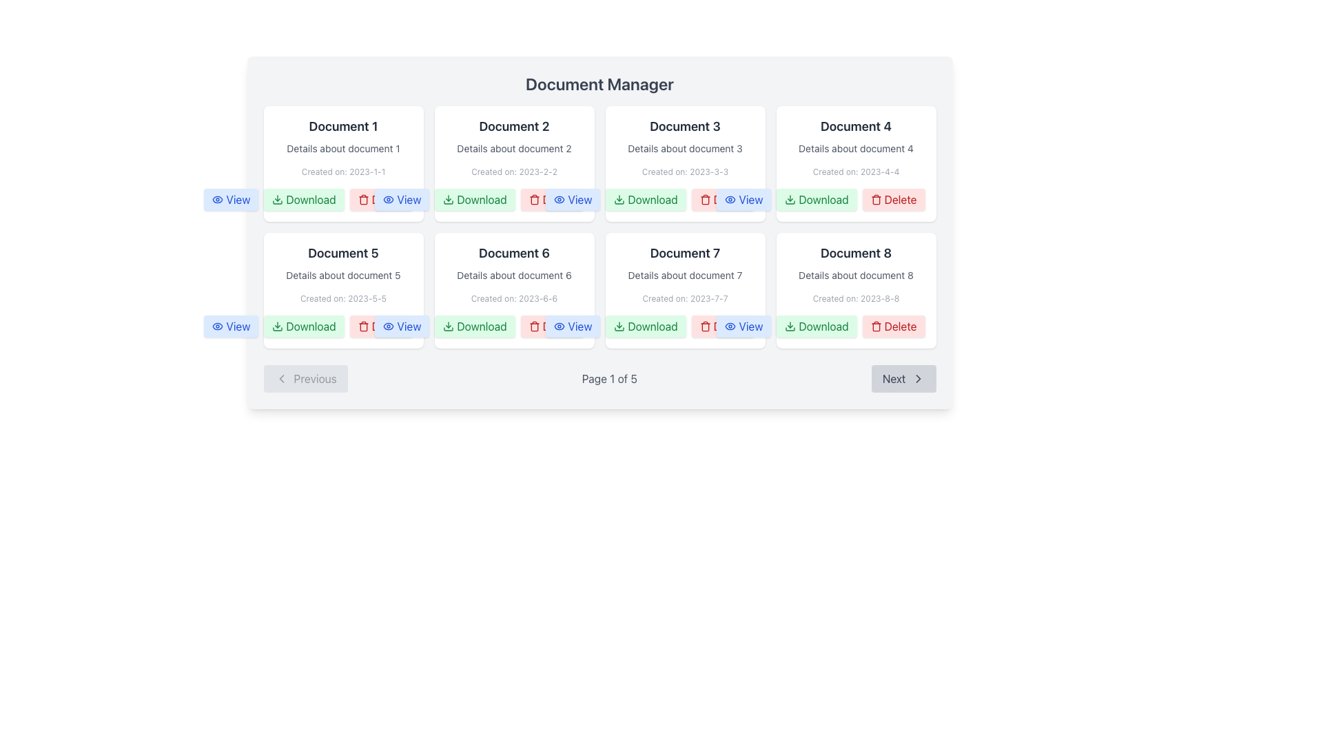  I want to click on the static text label that provides additional details about 'Document 4', located below the title and above the creation date, so click(855, 149).